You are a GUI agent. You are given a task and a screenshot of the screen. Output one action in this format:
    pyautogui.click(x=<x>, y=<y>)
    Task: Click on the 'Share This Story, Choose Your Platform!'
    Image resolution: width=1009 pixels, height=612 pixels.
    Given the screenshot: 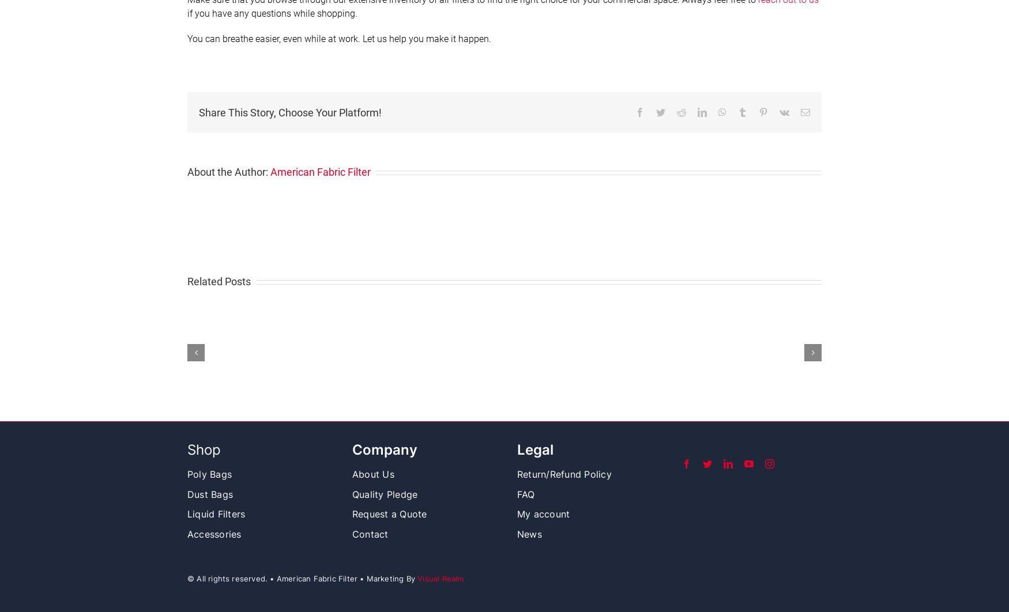 What is the action you would take?
    pyautogui.click(x=289, y=112)
    